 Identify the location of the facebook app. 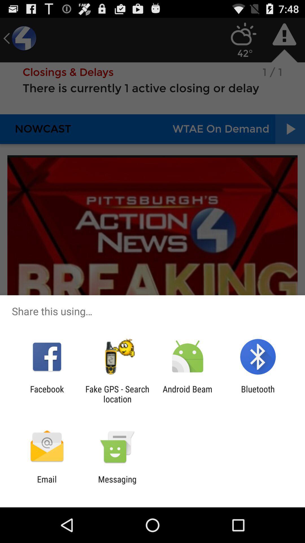
(47, 394).